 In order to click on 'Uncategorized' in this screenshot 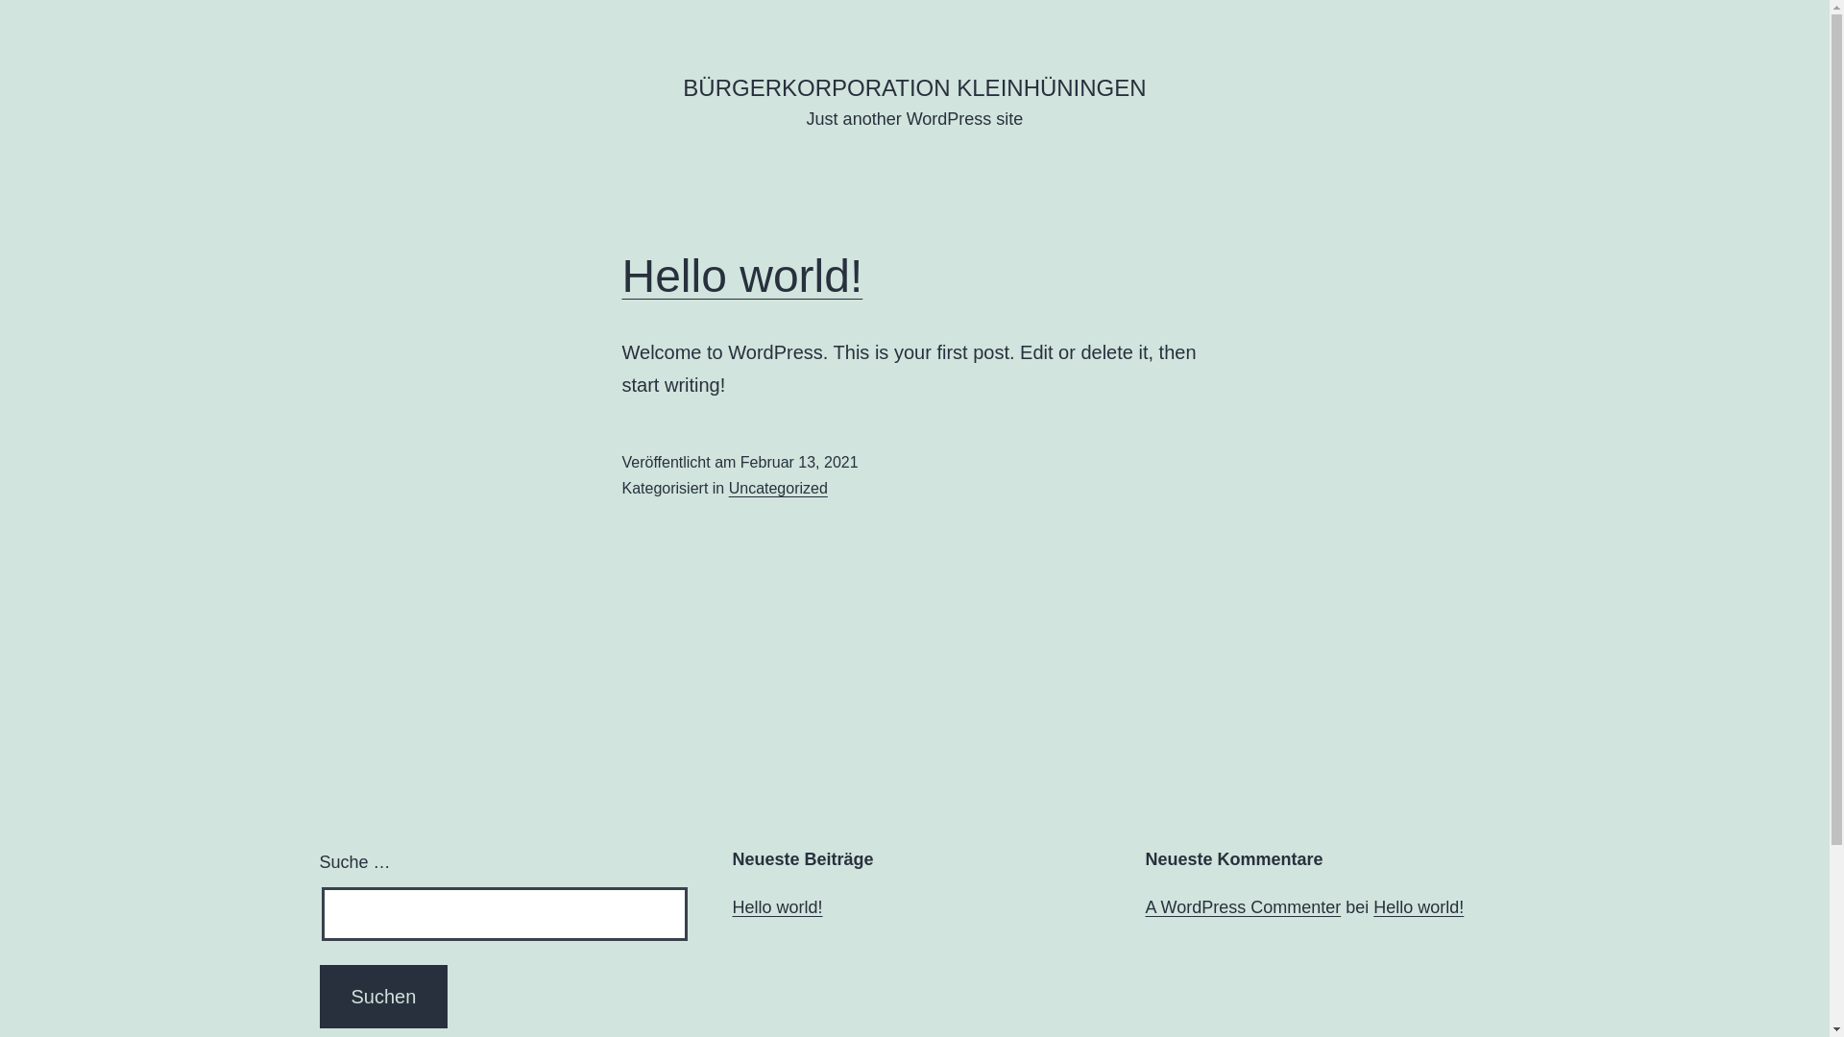, I will do `click(778, 487)`.